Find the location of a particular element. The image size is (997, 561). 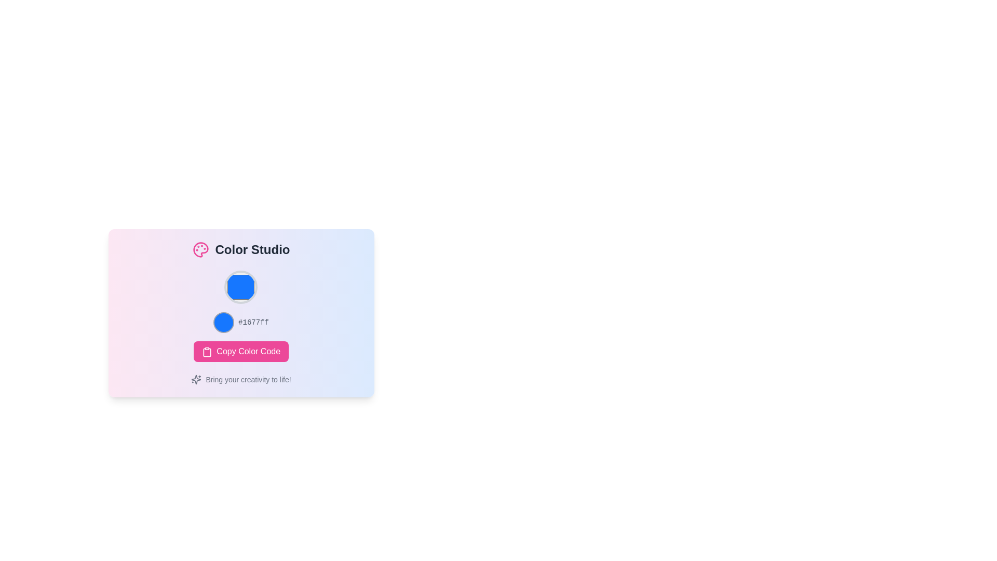

the clipboard icon that is part of the 'Copy Color Code' button, located in the bottom section of the content card is located at coordinates (207, 351).